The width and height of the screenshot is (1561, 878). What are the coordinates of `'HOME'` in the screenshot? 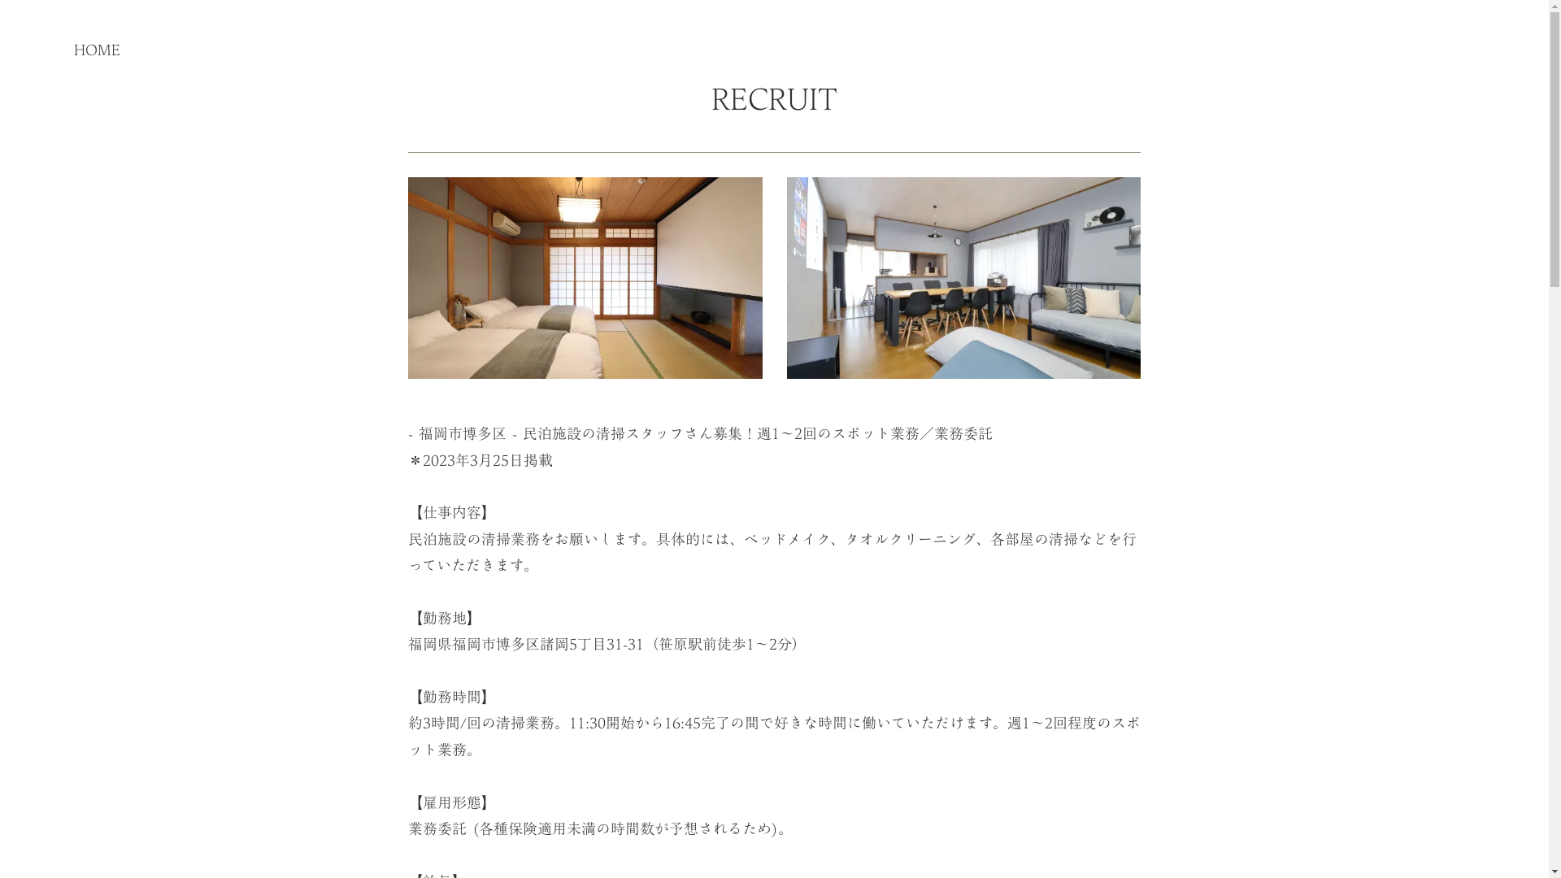 It's located at (96, 49).